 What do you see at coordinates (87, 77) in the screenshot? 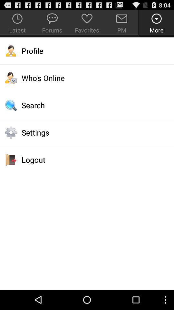
I see `app above   search item` at bounding box center [87, 77].